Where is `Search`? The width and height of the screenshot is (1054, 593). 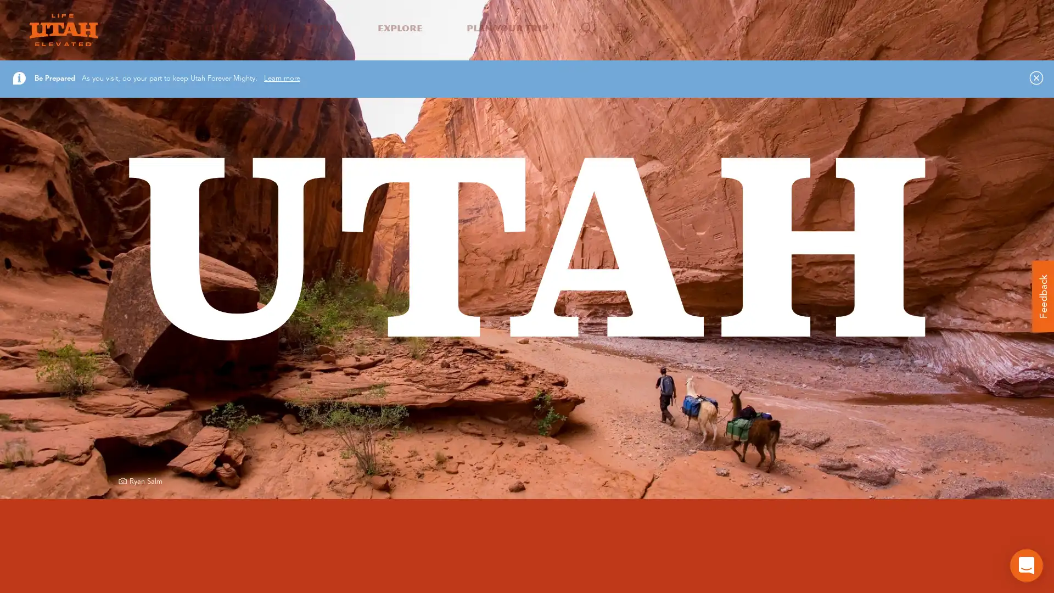 Search is located at coordinates (766, 137).